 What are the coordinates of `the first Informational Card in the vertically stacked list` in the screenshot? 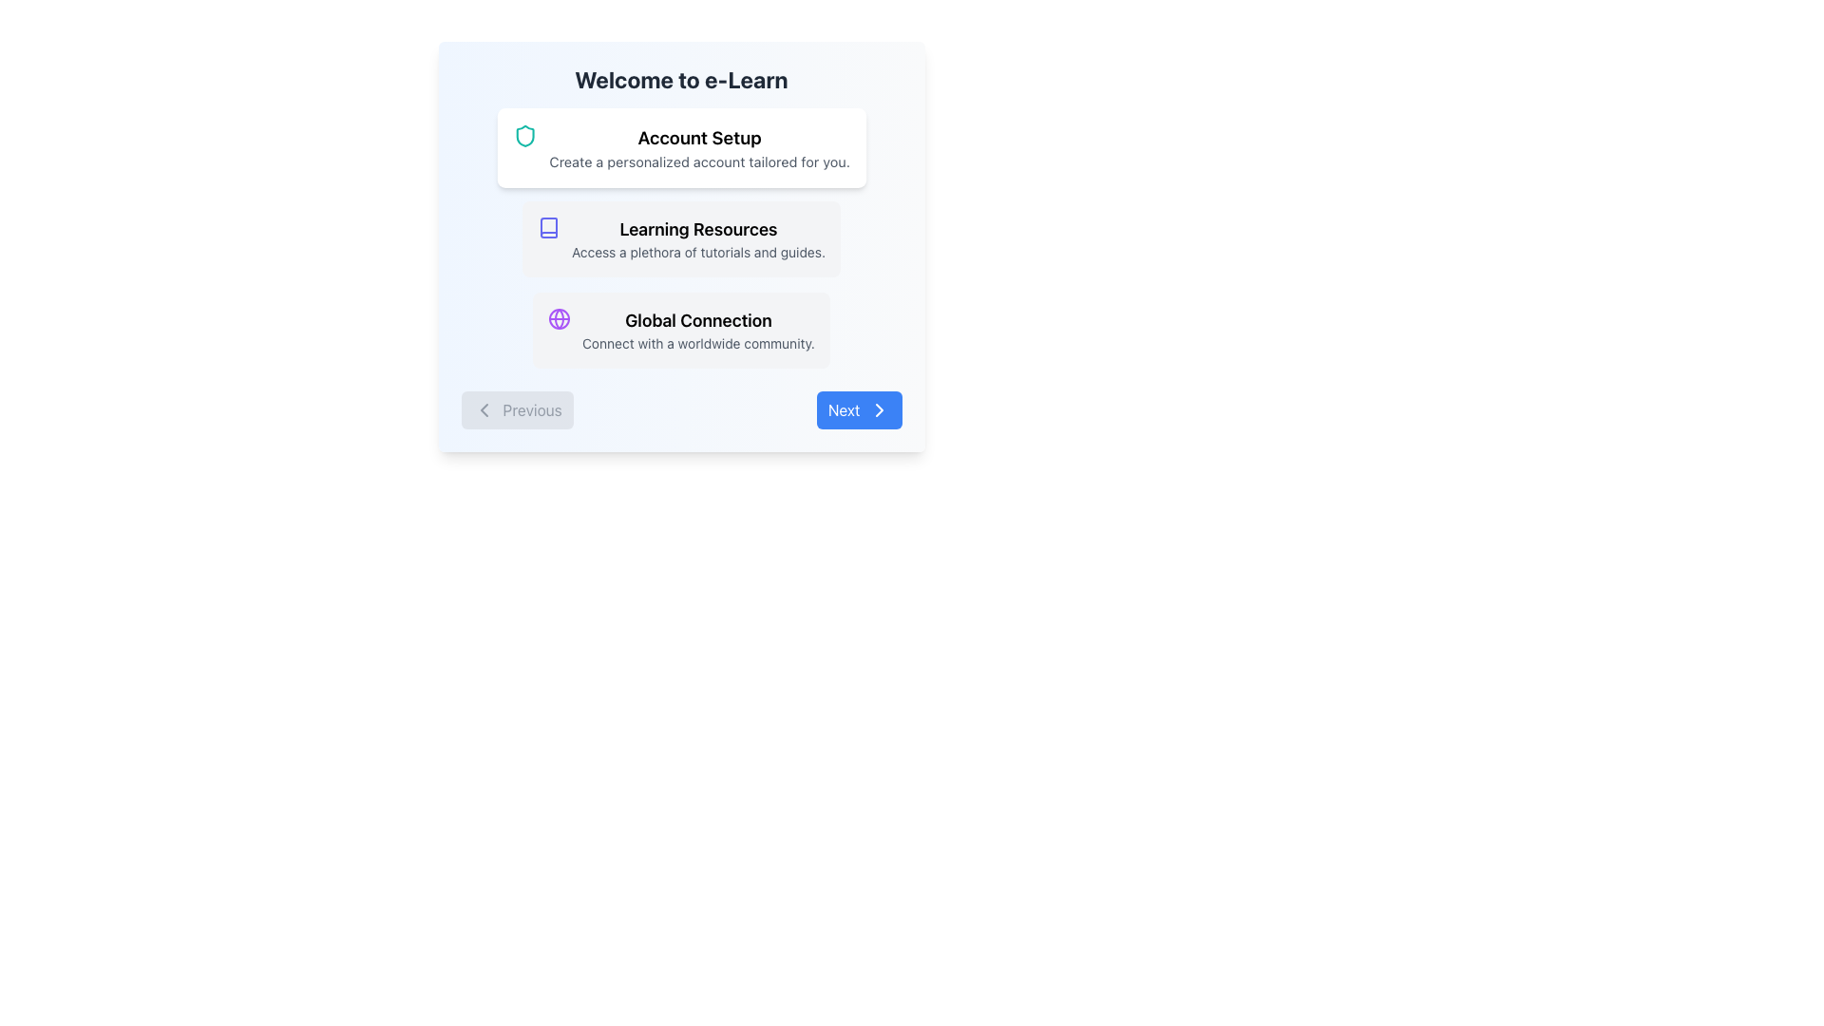 It's located at (681, 146).